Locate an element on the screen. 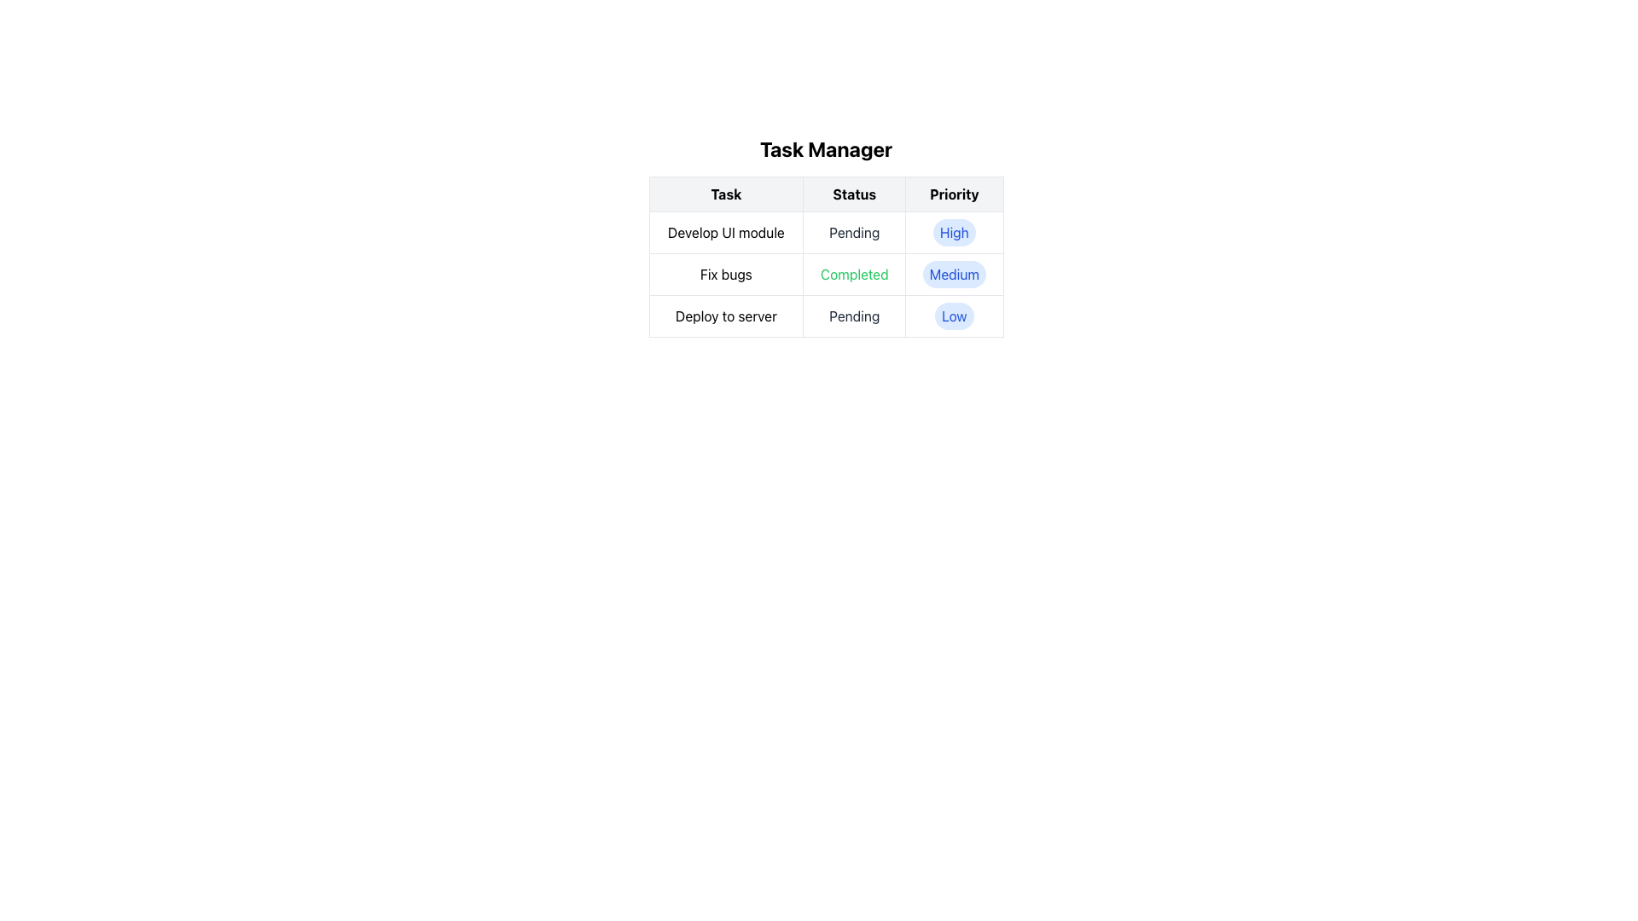 The height and width of the screenshot is (921, 1638). the 'Priority' column header in the table, which is the third and rightmost column header, to indicate its purpose related to task priorities is located at coordinates (953, 193).